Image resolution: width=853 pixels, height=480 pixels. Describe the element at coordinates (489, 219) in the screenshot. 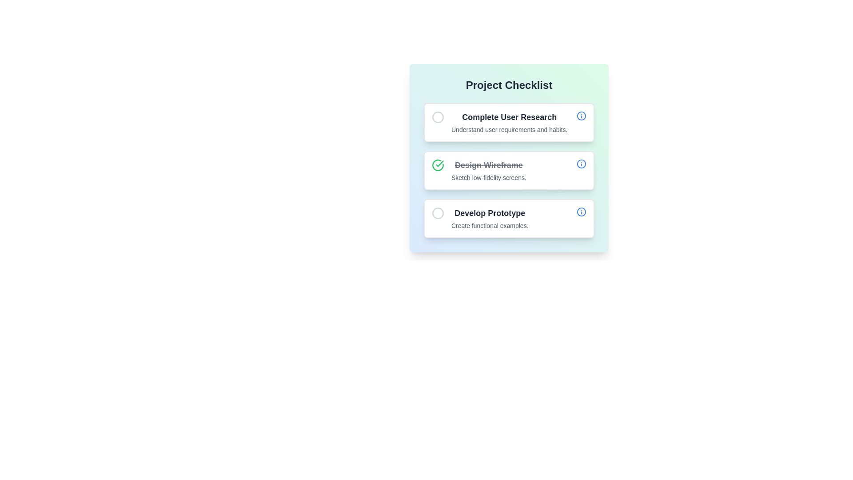

I see `the text block element displaying task details, which includes the lines 'Develop Prototype' and 'Create functional examples', positioned as the third item in a checklist interface` at that location.